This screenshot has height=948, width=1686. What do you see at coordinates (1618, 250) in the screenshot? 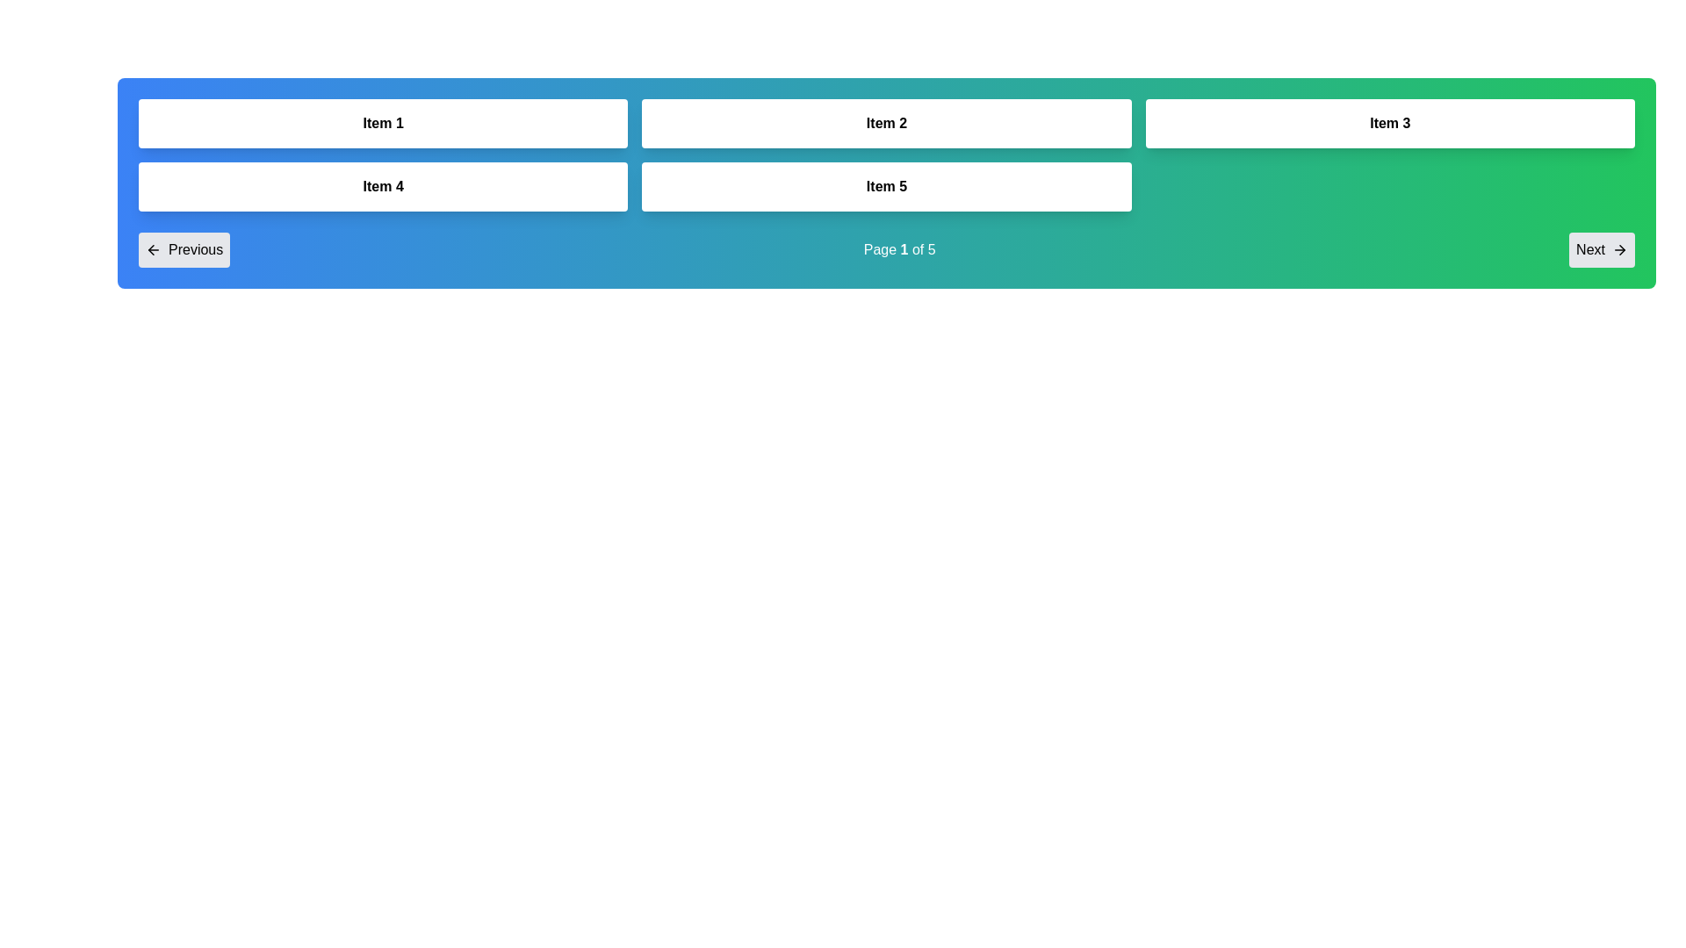
I see `the arrow icon located within the 'Next' button at the bottom-right corner of the navigation bar, adjacent to the text label 'Next'` at bounding box center [1618, 250].